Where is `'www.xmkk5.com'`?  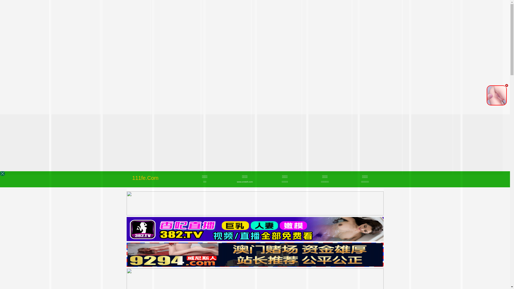
'www.xmkk5.com' is located at coordinates (245, 181).